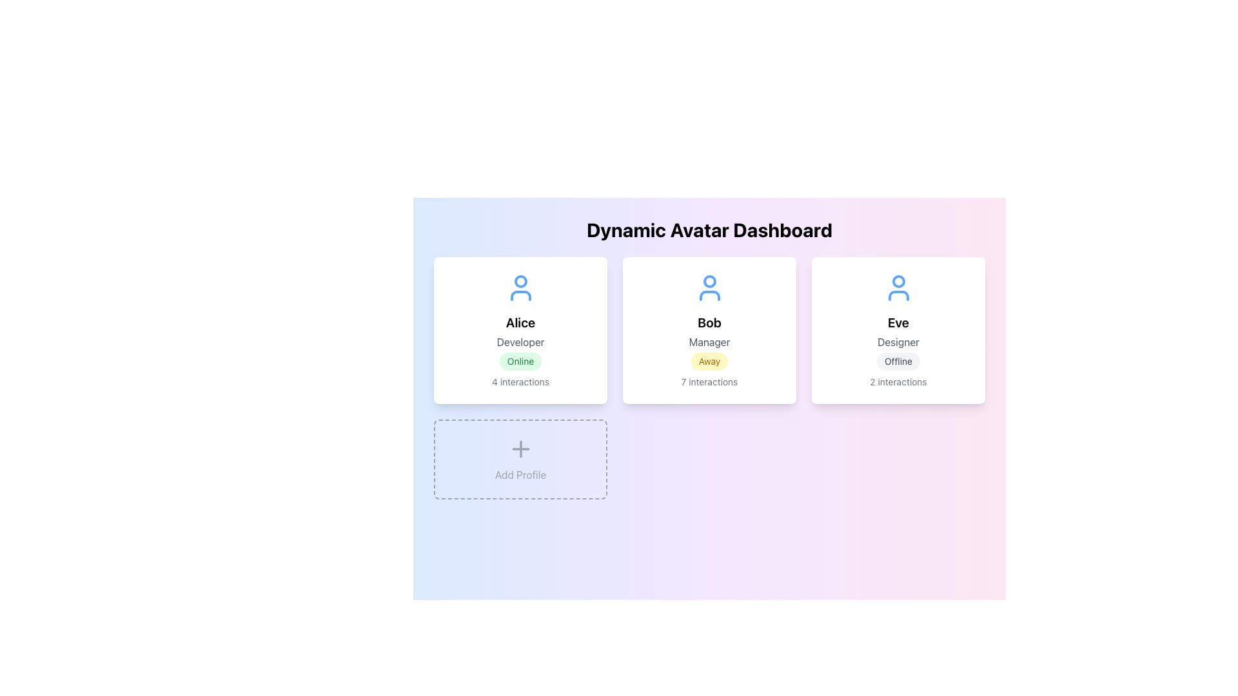 The width and height of the screenshot is (1238, 696). I want to click on the informational label displaying the current status of the user as 'Offline', which is located below the text 'Designer' and above '2 interactions', so click(898, 361).